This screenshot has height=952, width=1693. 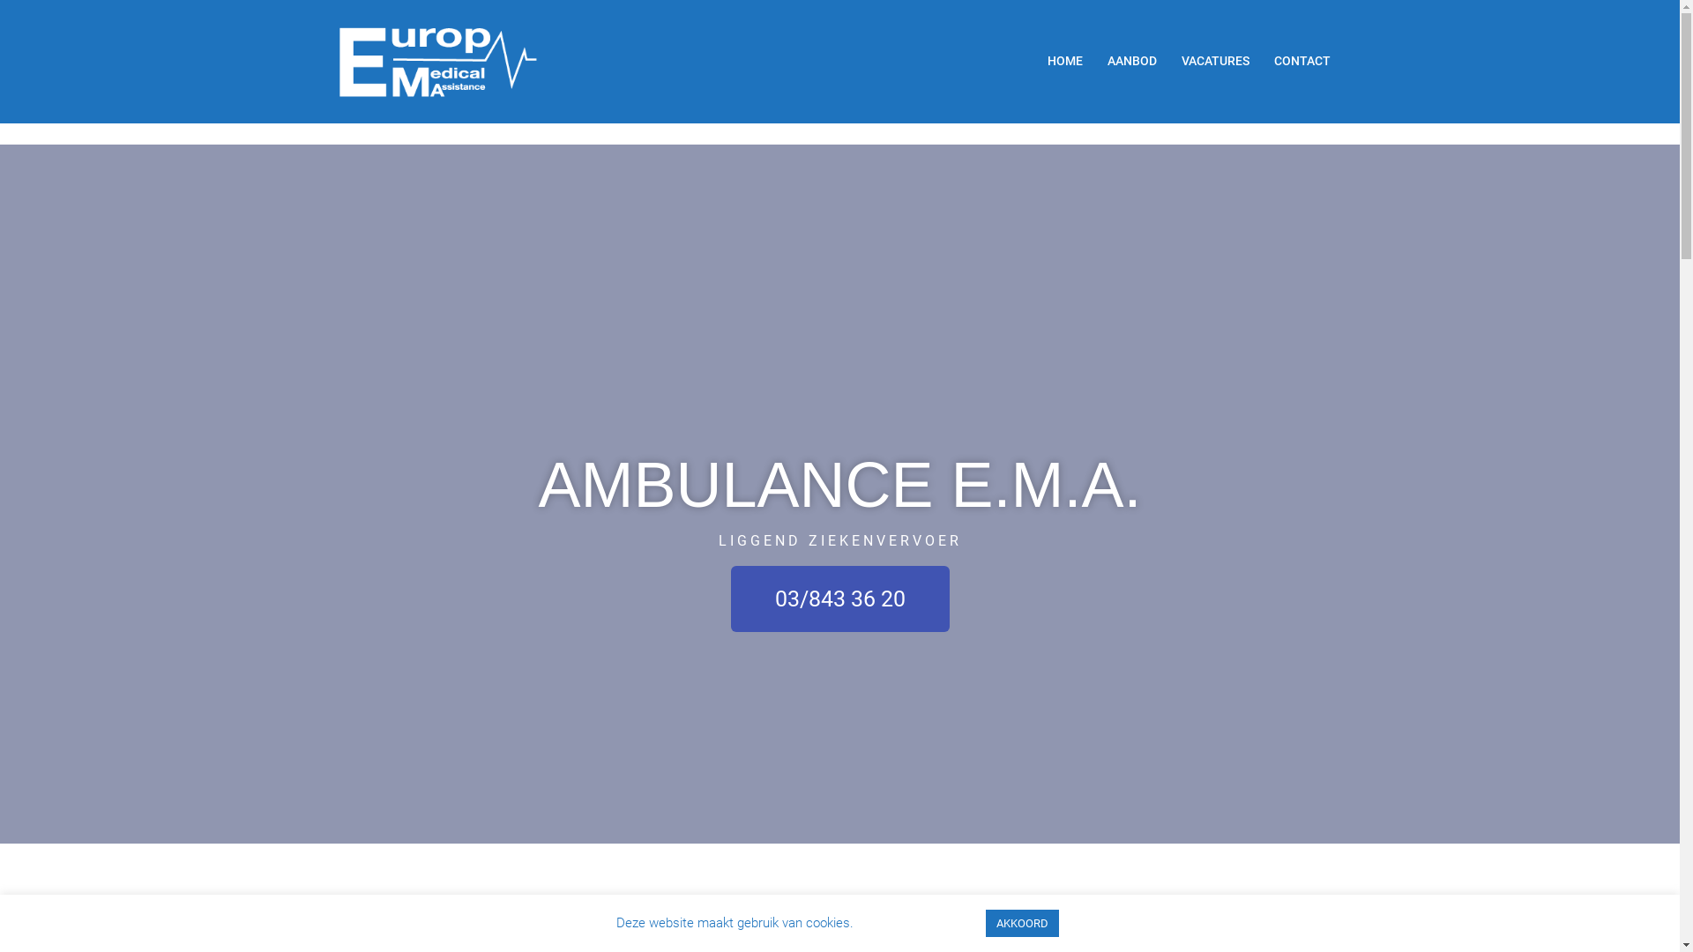 What do you see at coordinates (918, 921) in the screenshot?
I see `'Cookie settings'` at bounding box center [918, 921].